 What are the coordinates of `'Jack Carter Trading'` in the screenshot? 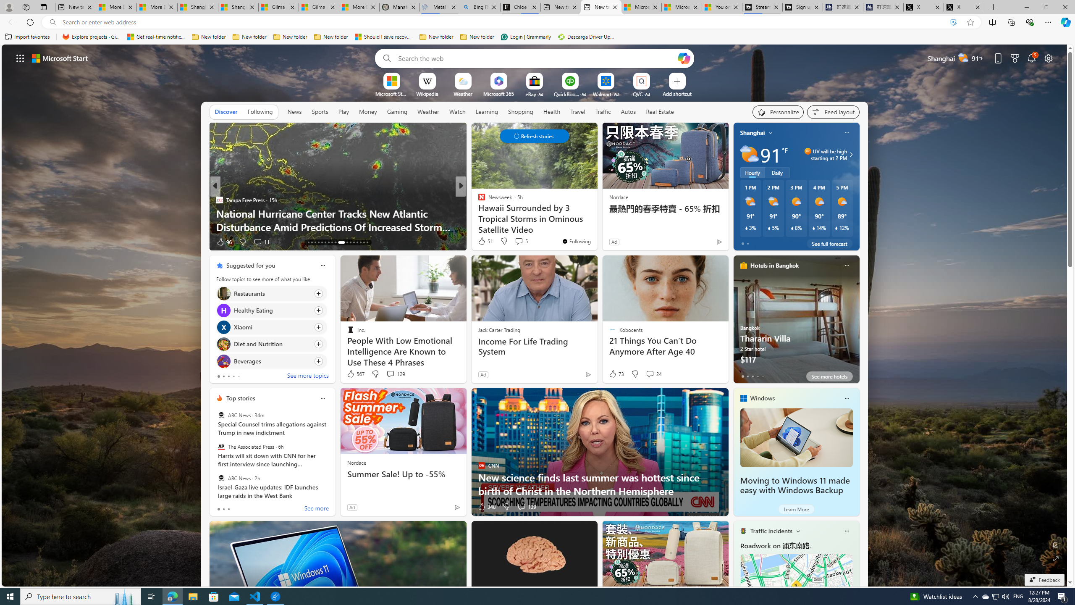 It's located at (499, 330).